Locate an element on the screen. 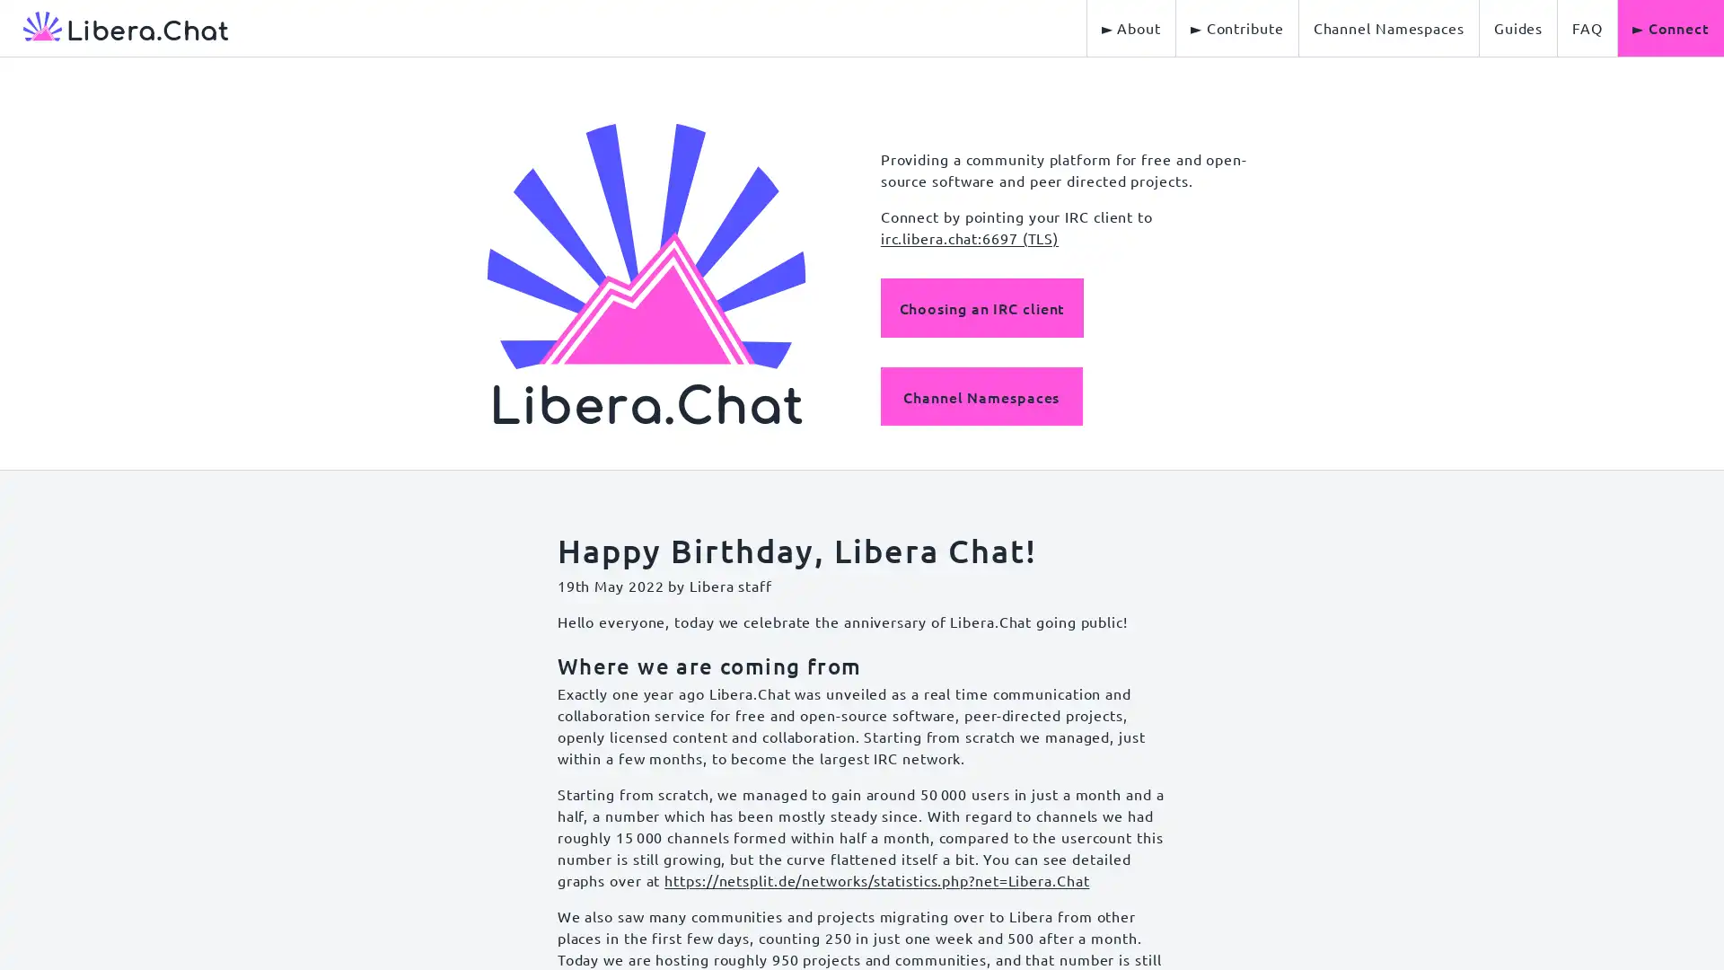 Image resolution: width=1724 pixels, height=970 pixels. Channel Namespaces is located at coordinates (980, 394).